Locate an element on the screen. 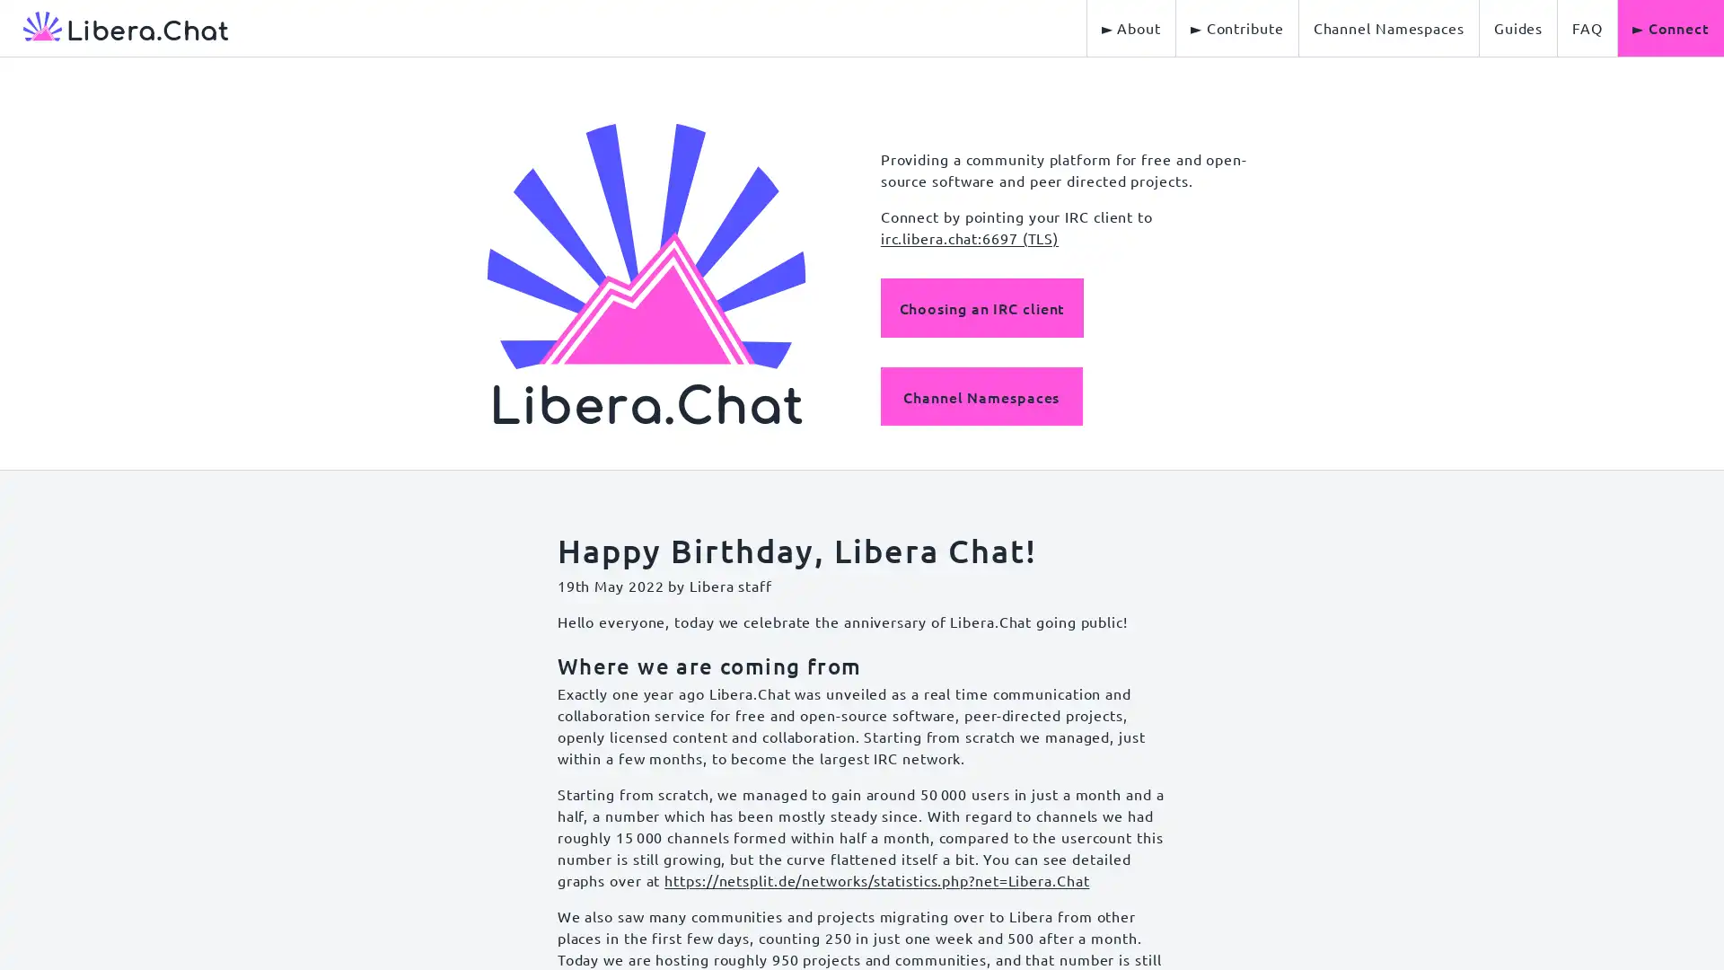 Image resolution: width=1724 pixels, height=970 pixels. Channel Namespaces is located at coordinates (980, 394).